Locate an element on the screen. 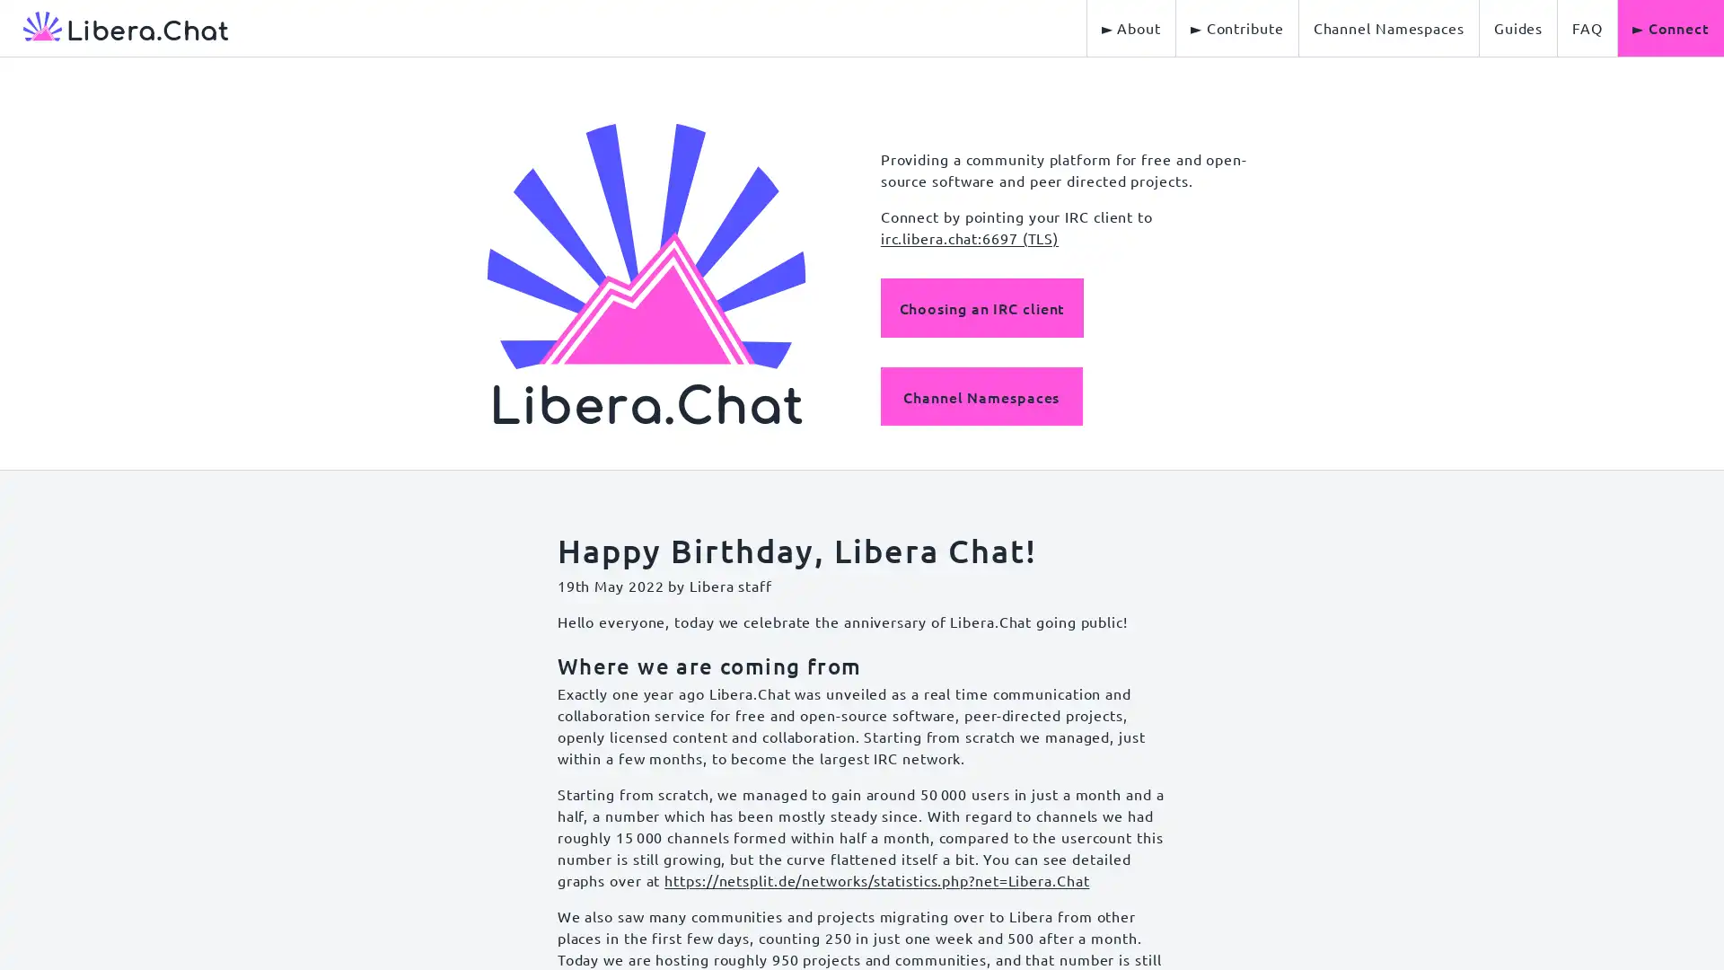 Image resolution: width=1724 pixels, height=970 pixels. Channel Namespaces is located at coordinates (980, 394).